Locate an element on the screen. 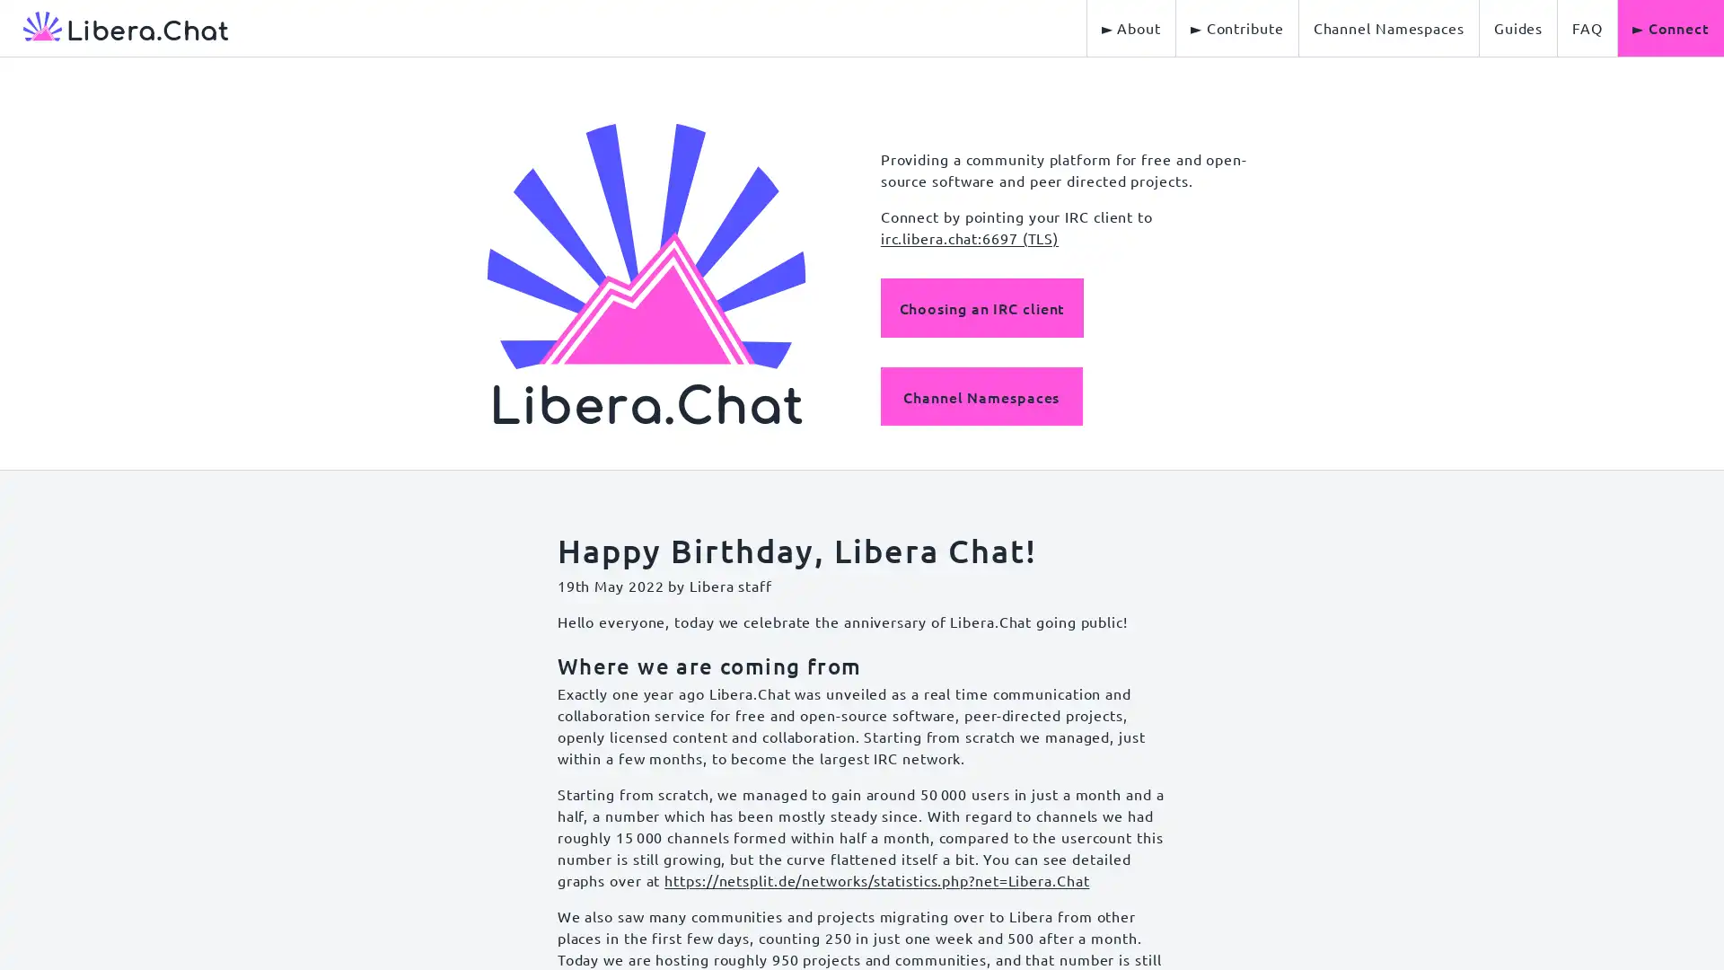 Image resolution: width=1724 pixels, height=970 pixels. Channel Namespaces is located at coordinates (980, 394).